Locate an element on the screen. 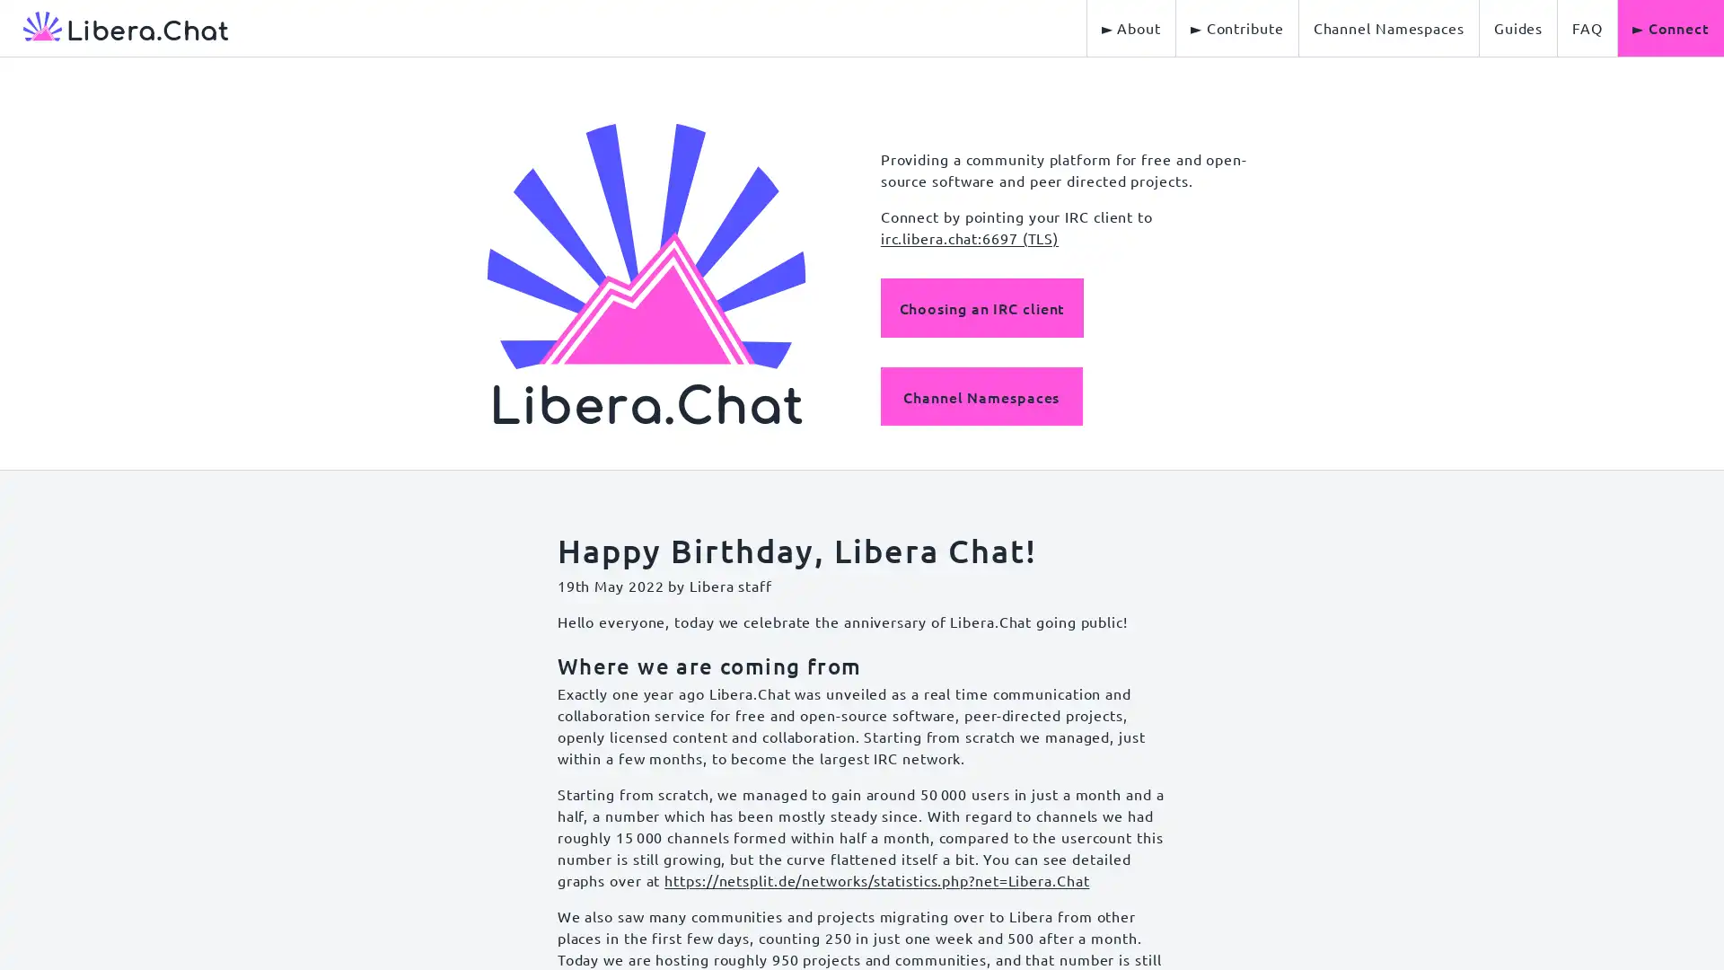 Image resolution: width=1724 pixels, height=970 pixels. Channel Namespaces is located at coordinates (980, 394).